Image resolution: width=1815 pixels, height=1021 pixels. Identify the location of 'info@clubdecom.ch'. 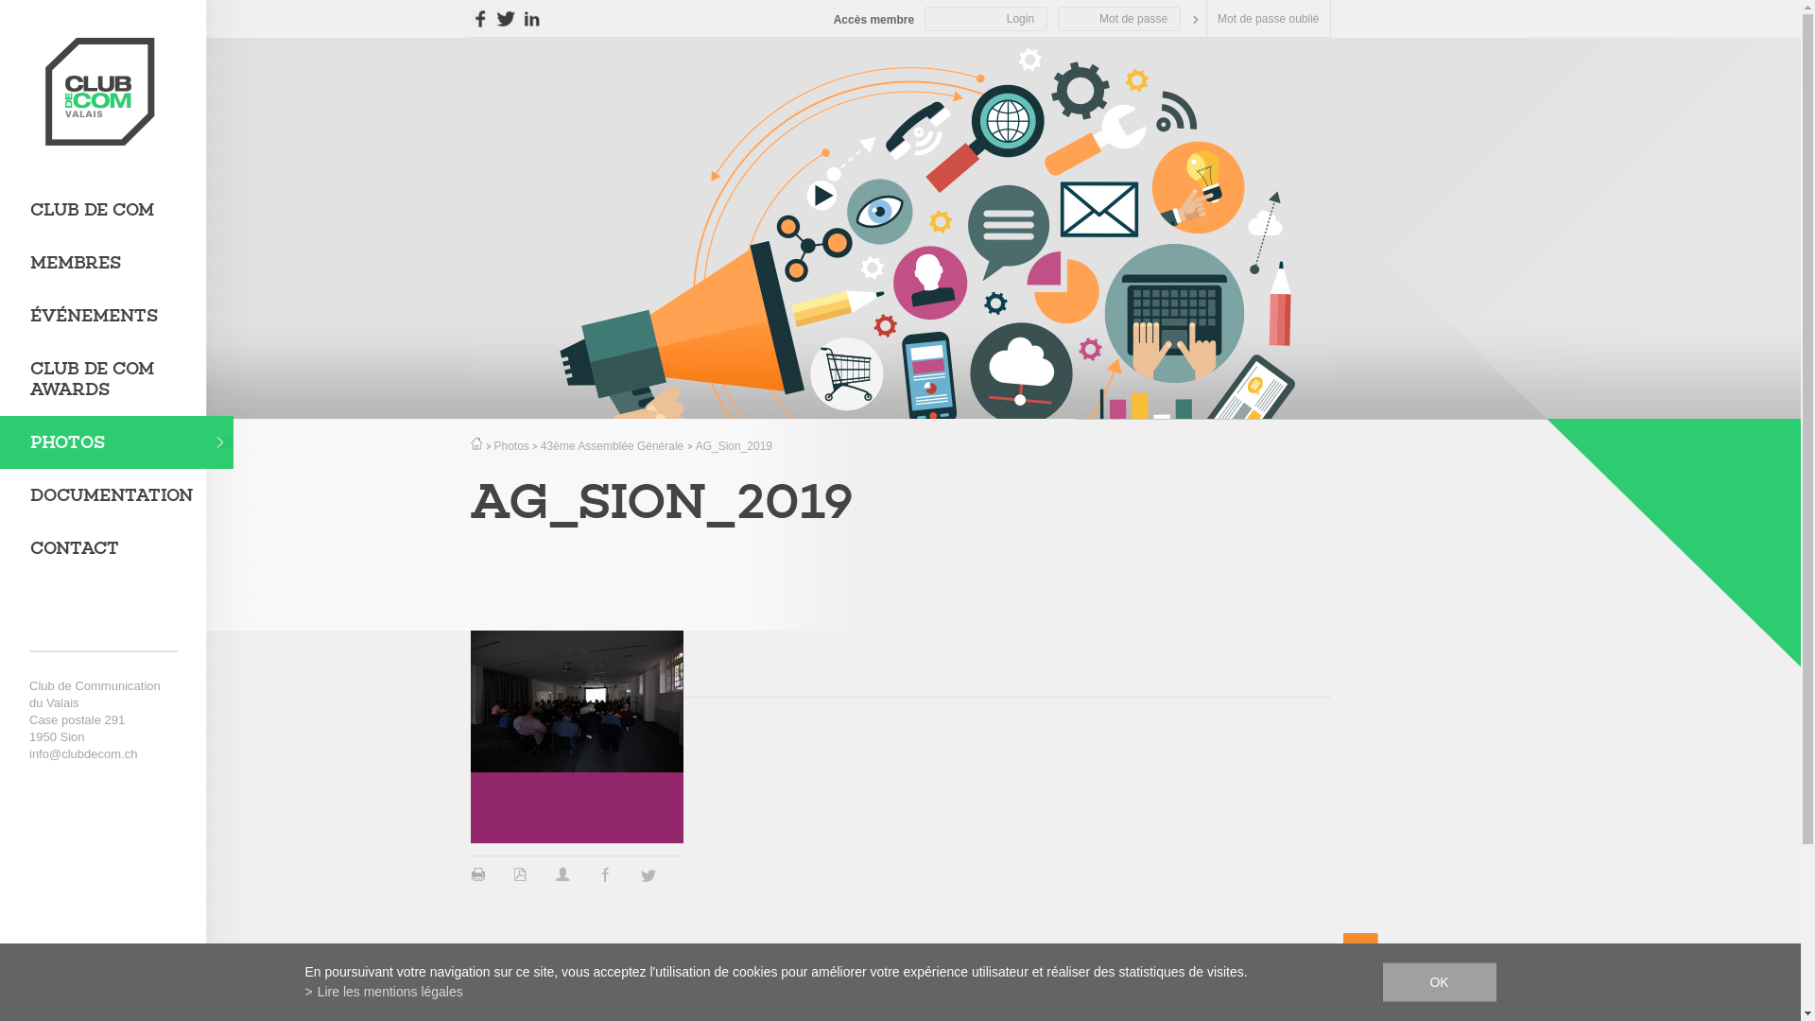
(28, 753).